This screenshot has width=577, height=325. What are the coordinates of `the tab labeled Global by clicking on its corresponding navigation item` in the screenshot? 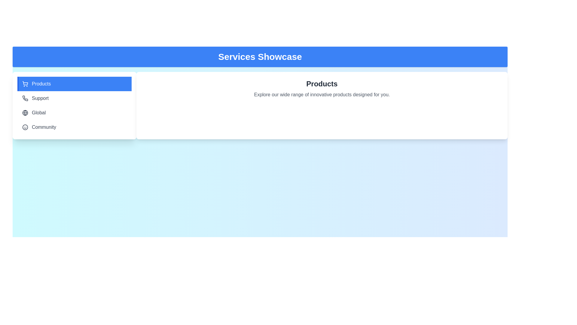 It's located at (74, 113).